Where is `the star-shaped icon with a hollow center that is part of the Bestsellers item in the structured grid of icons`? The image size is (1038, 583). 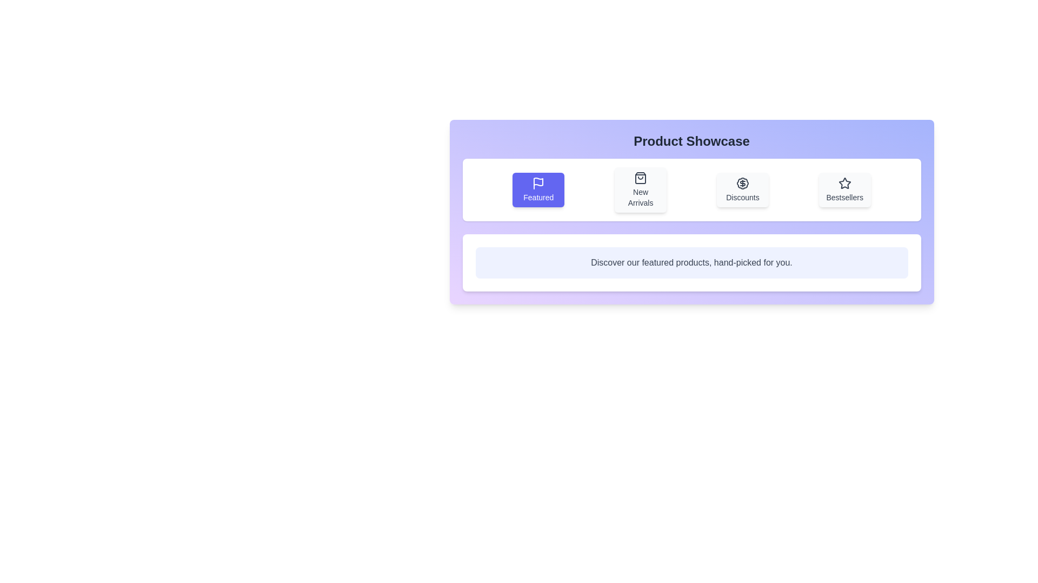 the star-shaped icon with a hollow center that is part of the Bestsellers item in the structured grid of icons is located at coordinates (844, 182).